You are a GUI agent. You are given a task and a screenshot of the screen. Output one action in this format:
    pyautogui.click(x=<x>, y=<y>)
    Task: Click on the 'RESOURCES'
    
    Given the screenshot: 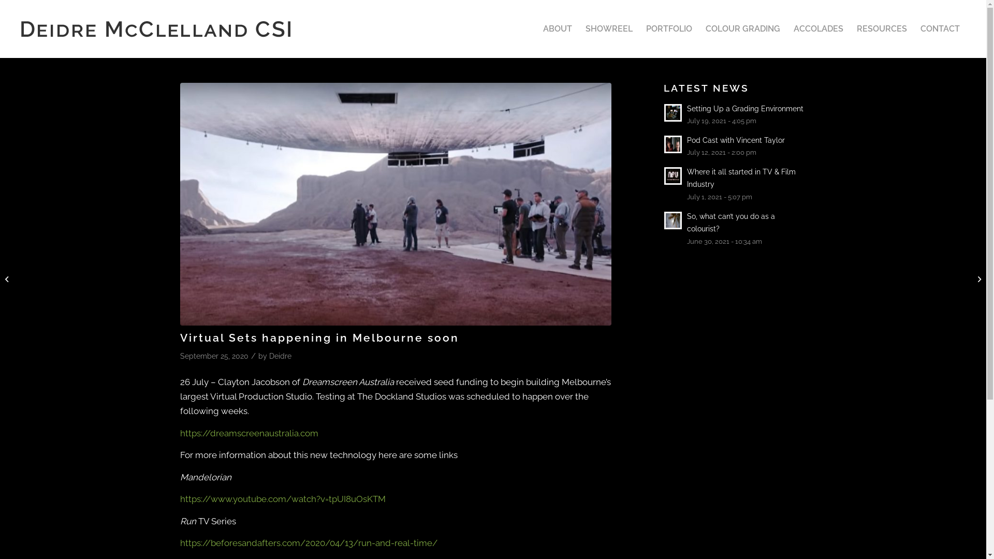 What is the action you would take?
    pyautogui.click(x=881, y=28)
    